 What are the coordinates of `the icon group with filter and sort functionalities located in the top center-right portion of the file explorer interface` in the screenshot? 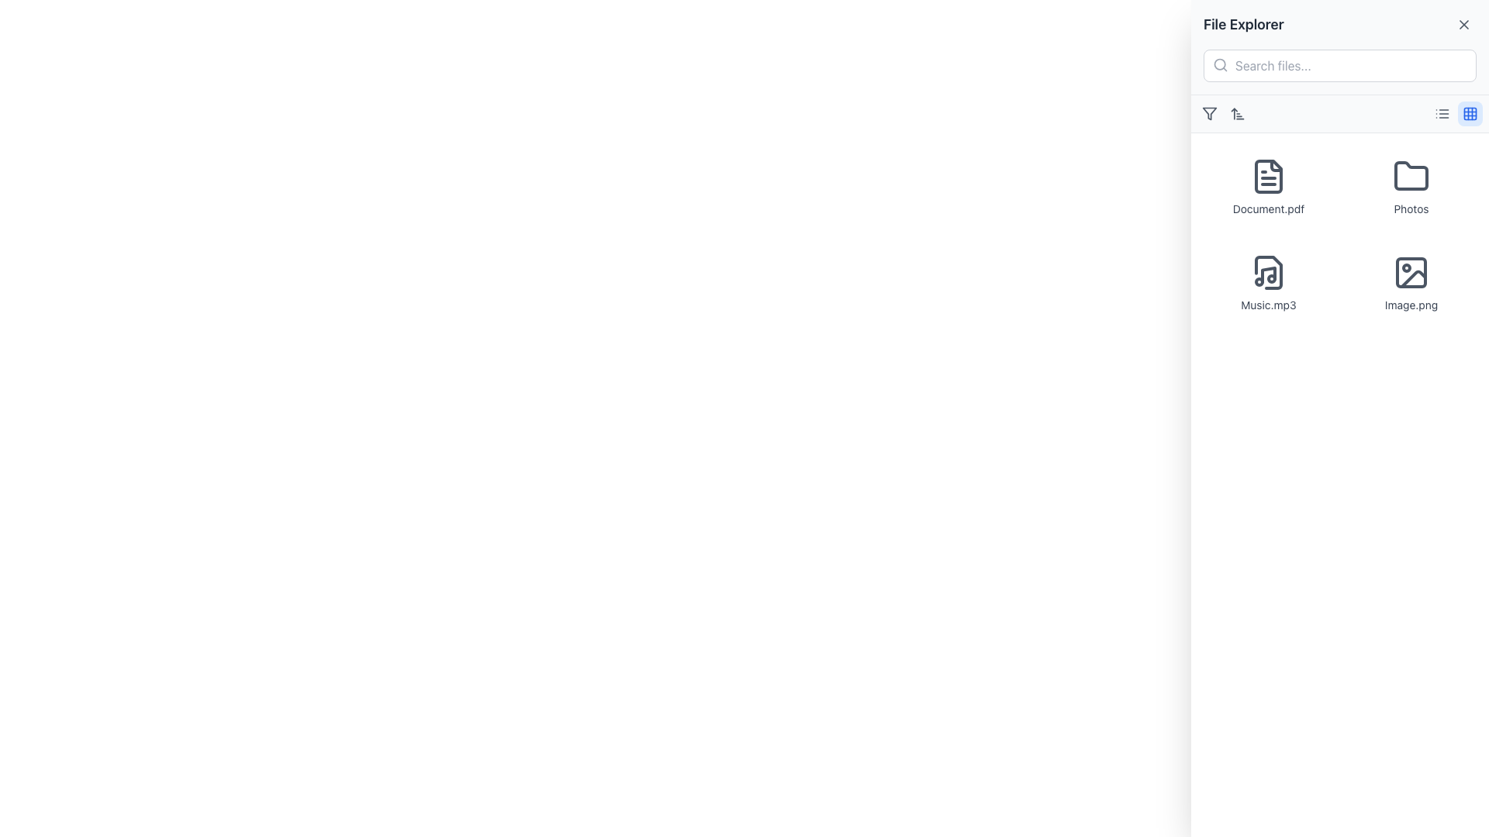 It's located at (1223, 112).